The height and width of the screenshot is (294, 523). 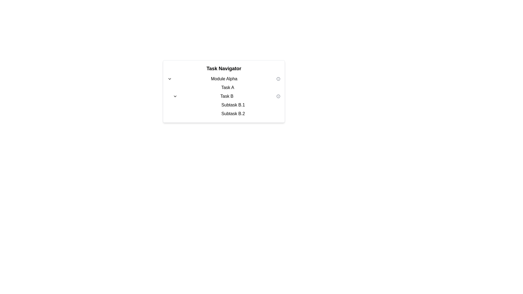 I want to click on the second subtask item in the hierarchical navigation menu under 'Task B', so click(x=232, y=113).